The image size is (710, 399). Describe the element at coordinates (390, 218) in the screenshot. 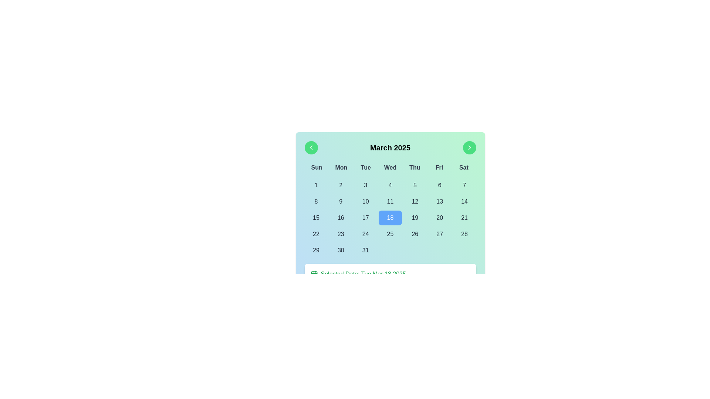

I see `on the calendar grid` at that location.